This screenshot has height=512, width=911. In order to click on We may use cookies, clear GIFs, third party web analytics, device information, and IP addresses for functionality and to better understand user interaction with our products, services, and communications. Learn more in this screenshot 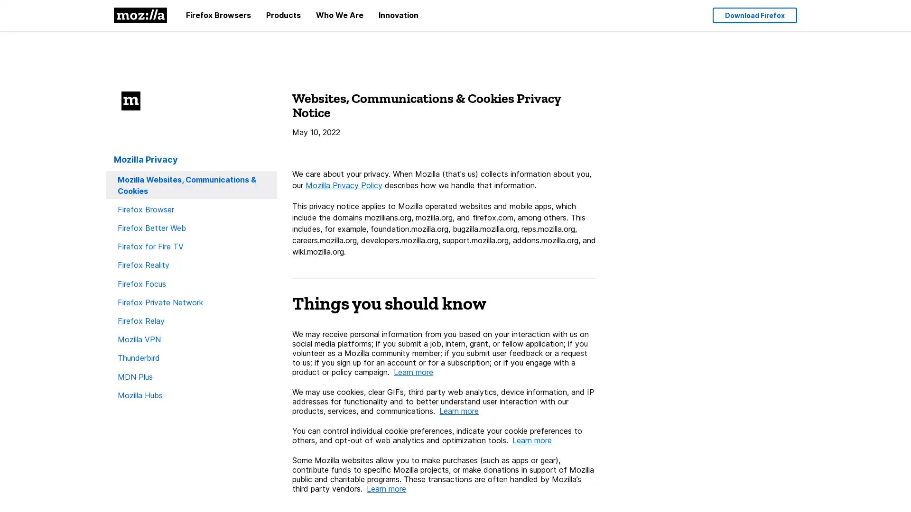, I will do `click(444, 401)`.